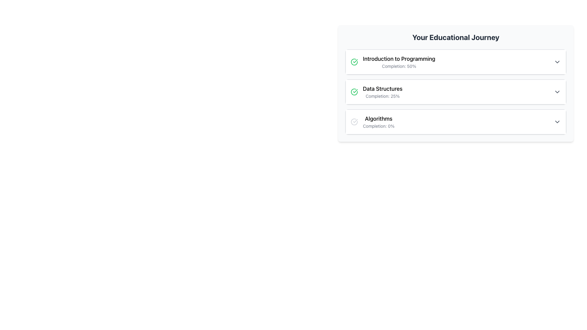 This screenshot has width=587, height=330. What do you see at coordinates (557, 62) in the screenshot?
I see `the Dropdown indicator icon at the rightmost end of the 'Introduction to Programming' section` at bounding box center [557, 62].